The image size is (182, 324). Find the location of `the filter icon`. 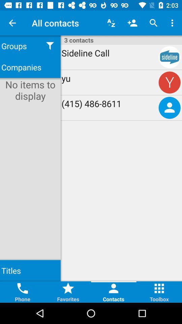

the filter icon is located at coordinates (50, 46).